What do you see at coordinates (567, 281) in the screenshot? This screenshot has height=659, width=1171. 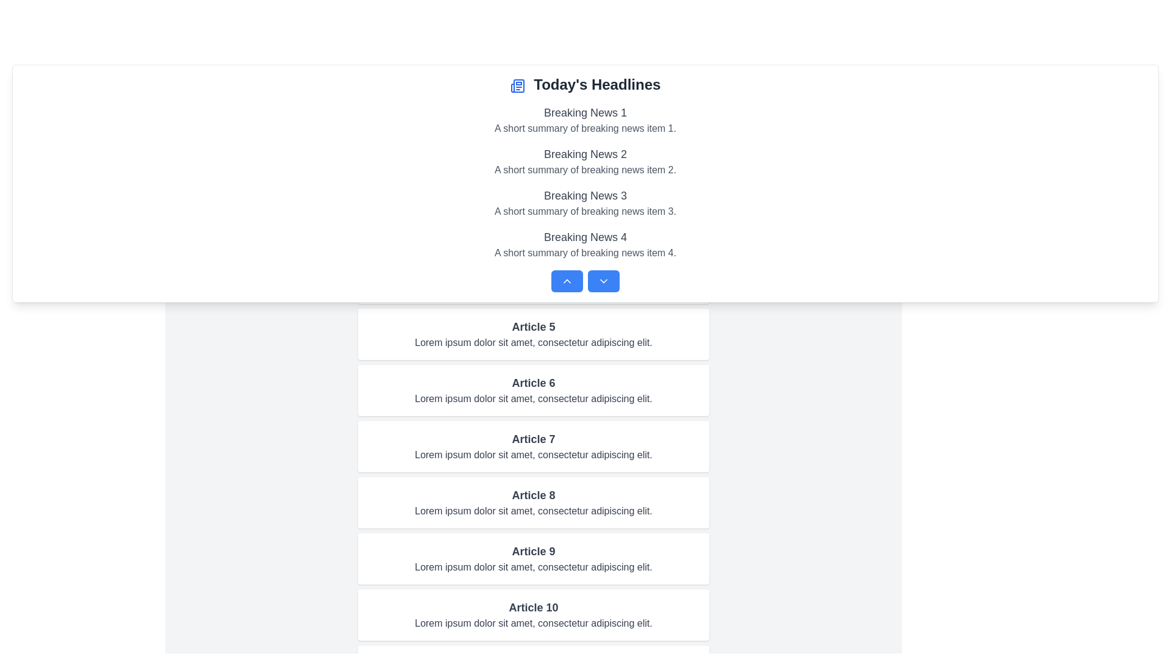 I see `the 'Up' navigation icon located centrally within the button below the 'Breaking News' list` at bounding box center [567, 281].